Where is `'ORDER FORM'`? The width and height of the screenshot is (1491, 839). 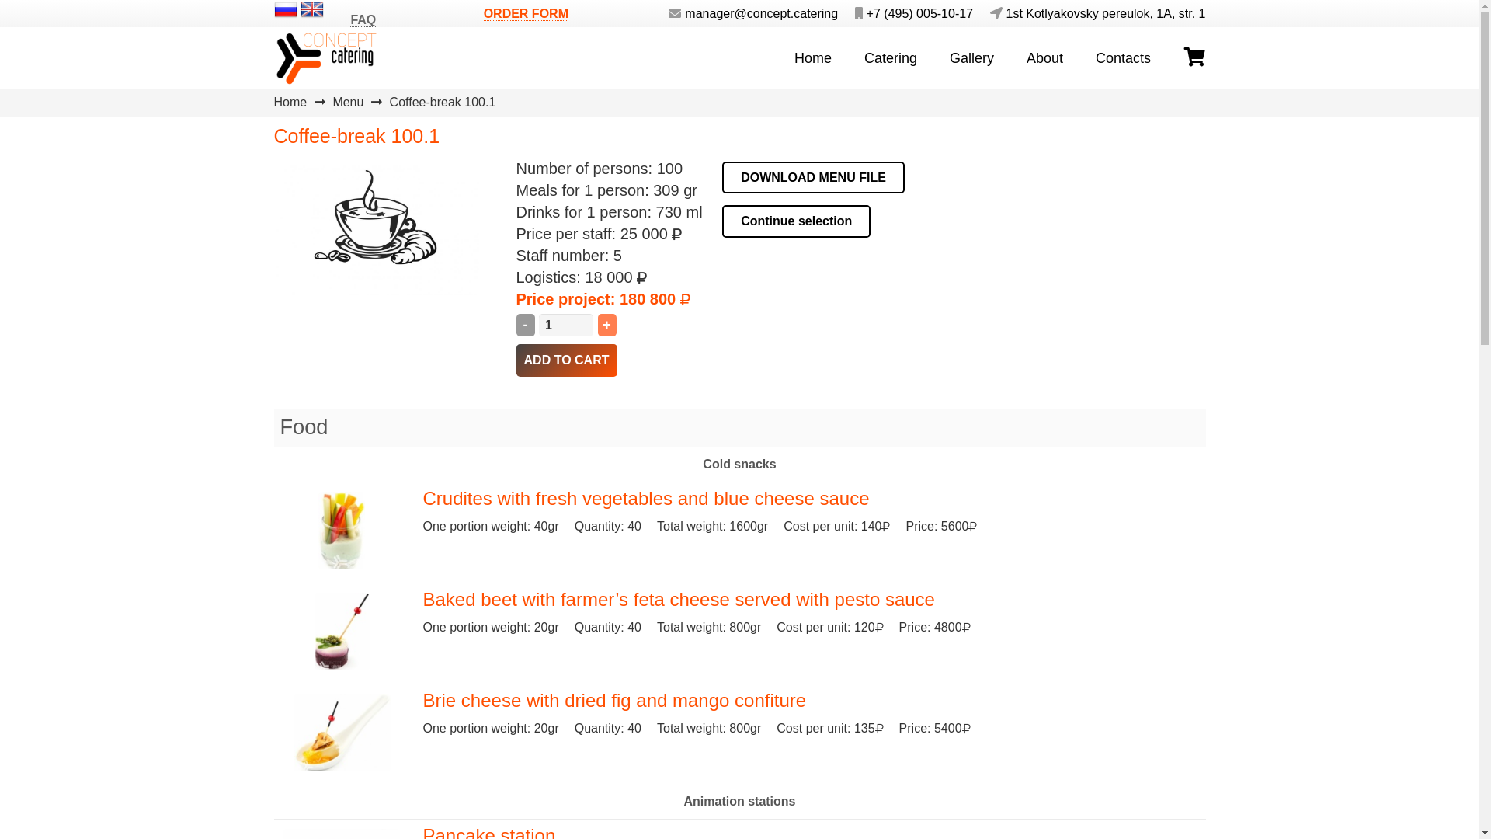
'ORDER FORM' is located at coordinates (526, 12).